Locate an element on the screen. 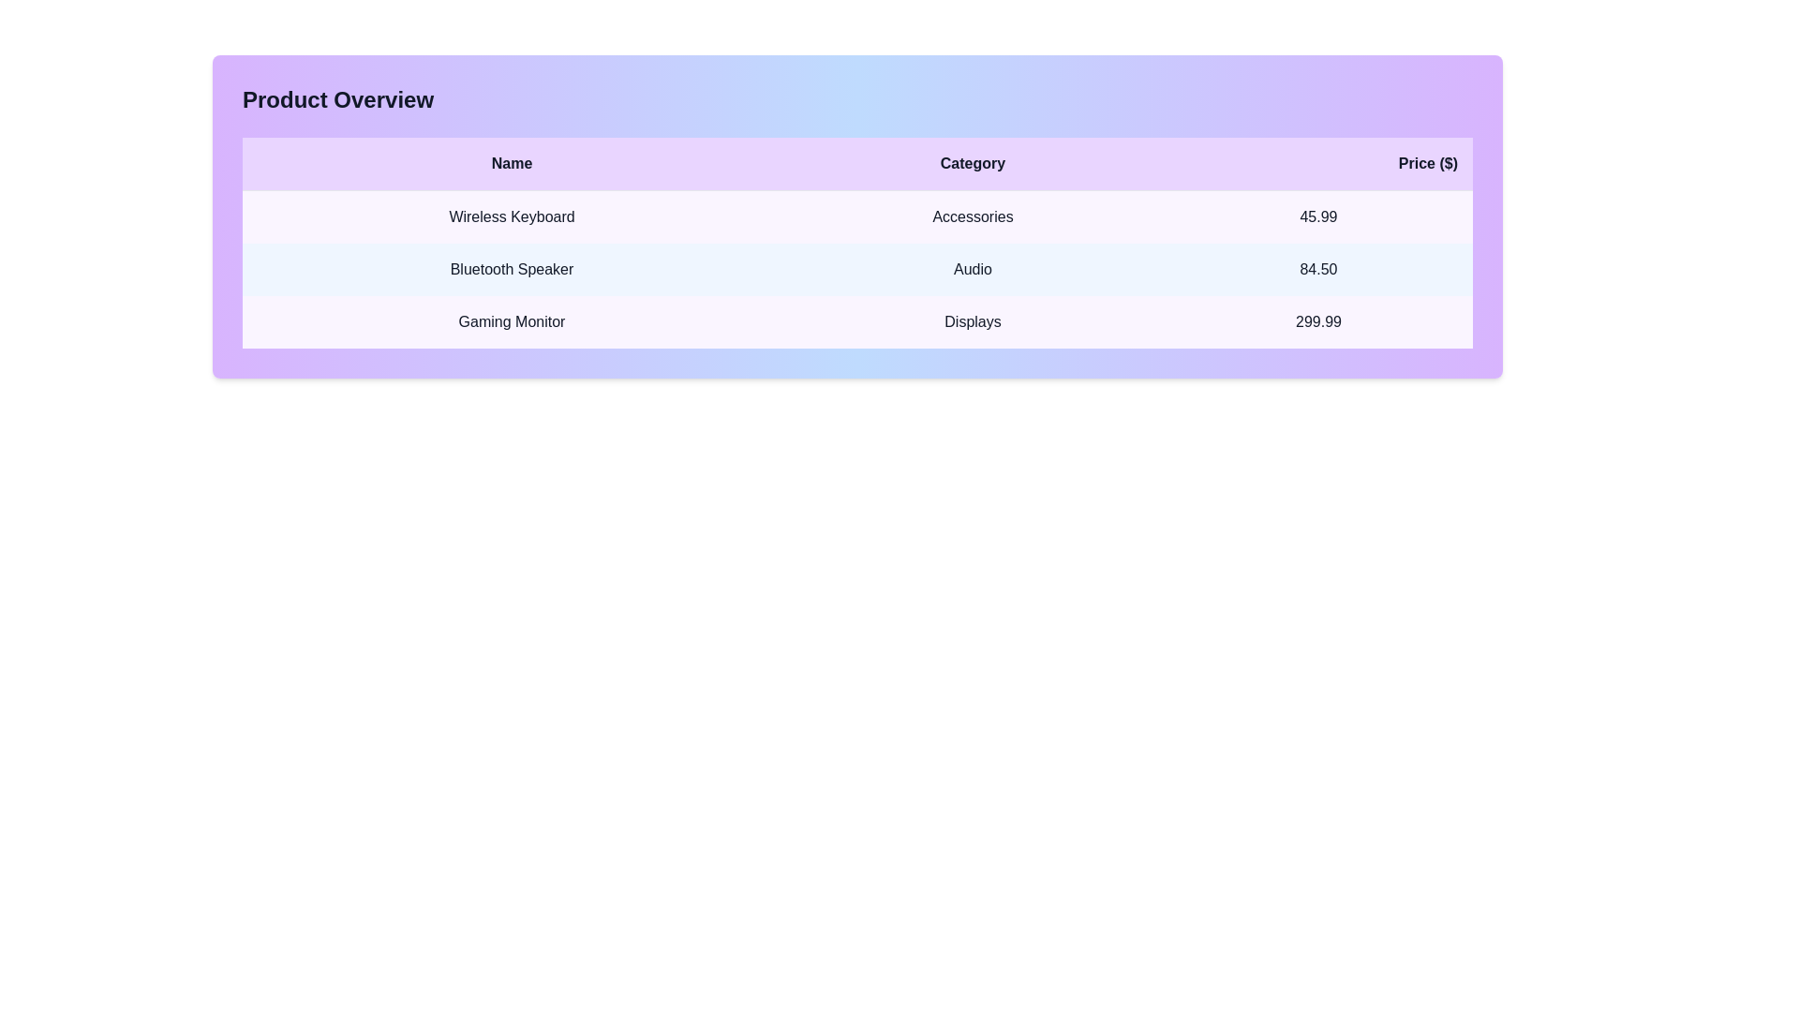  the 'Name' column header text label, which is the first column header in a data table, located at the top left corner of the header row is located at coordinates (512, 163).